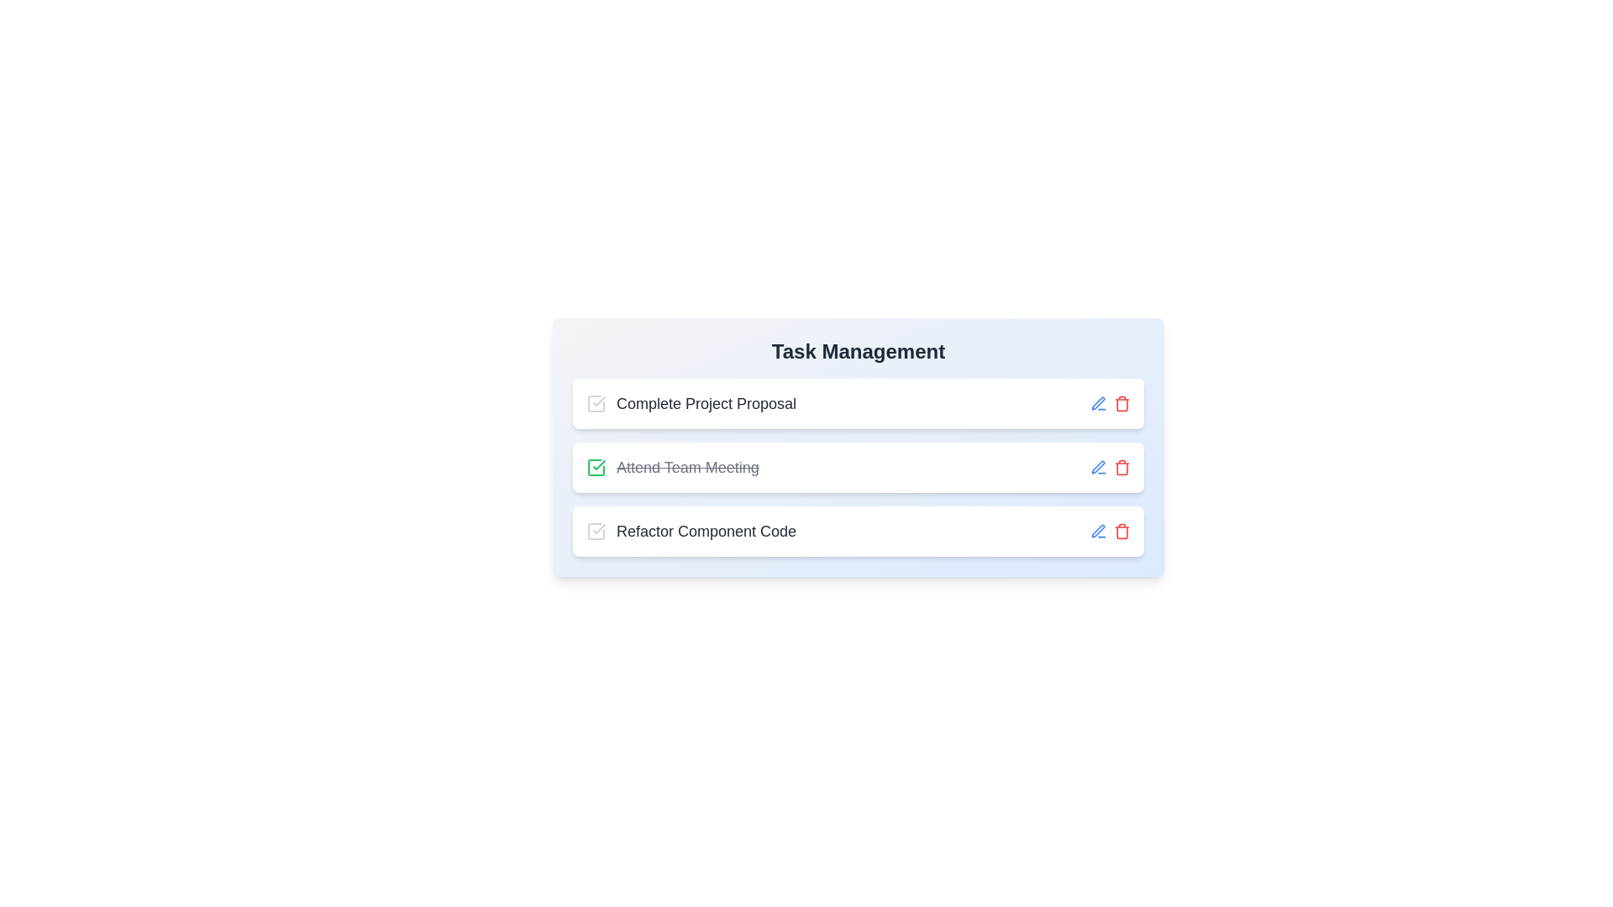 This screenshot has width=1613, height=907. I want to click on the Checkbox icon indicating the completed state for the task 'Attend Team Meeting', which is located in the Task Management list, so click(596, 467).